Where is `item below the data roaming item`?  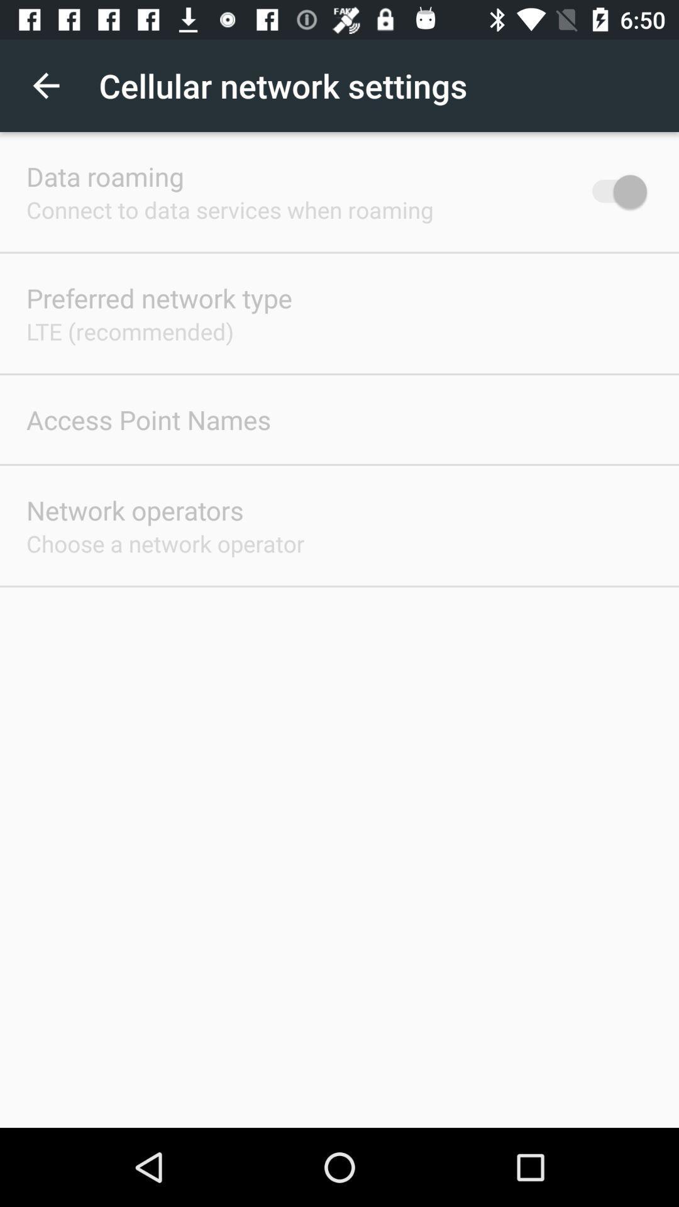
item below the data roaming item is located at coordinates (229, 209).